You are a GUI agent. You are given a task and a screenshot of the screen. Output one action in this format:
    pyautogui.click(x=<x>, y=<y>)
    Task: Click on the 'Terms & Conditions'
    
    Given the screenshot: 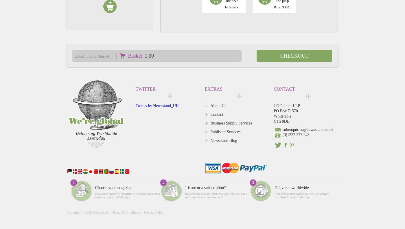 What is the action you would take?
    pyautogui.click(x=126, y=212)
    